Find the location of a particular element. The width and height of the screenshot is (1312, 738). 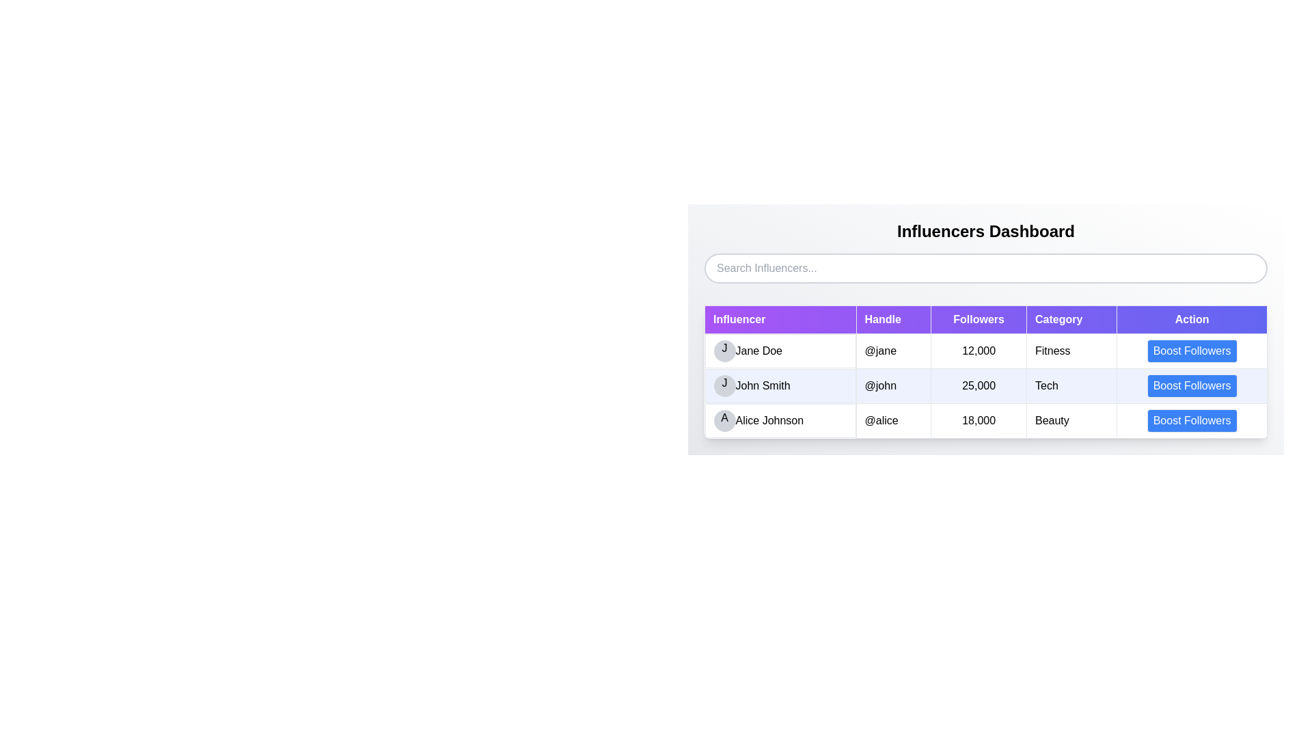

the List item for the influencer 'John Smith', which includes a circular avatar with the letter 'J' and a text label displaying the name 'John Smith', positioned under the 'Influencer' column header is located at coordinates (780, 385).